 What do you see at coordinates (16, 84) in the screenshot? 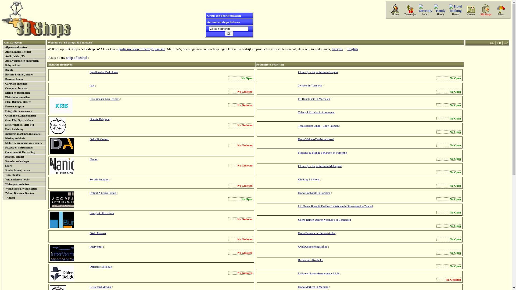
I see `'Caravans en tenten'` at bounding box center [16, 84].